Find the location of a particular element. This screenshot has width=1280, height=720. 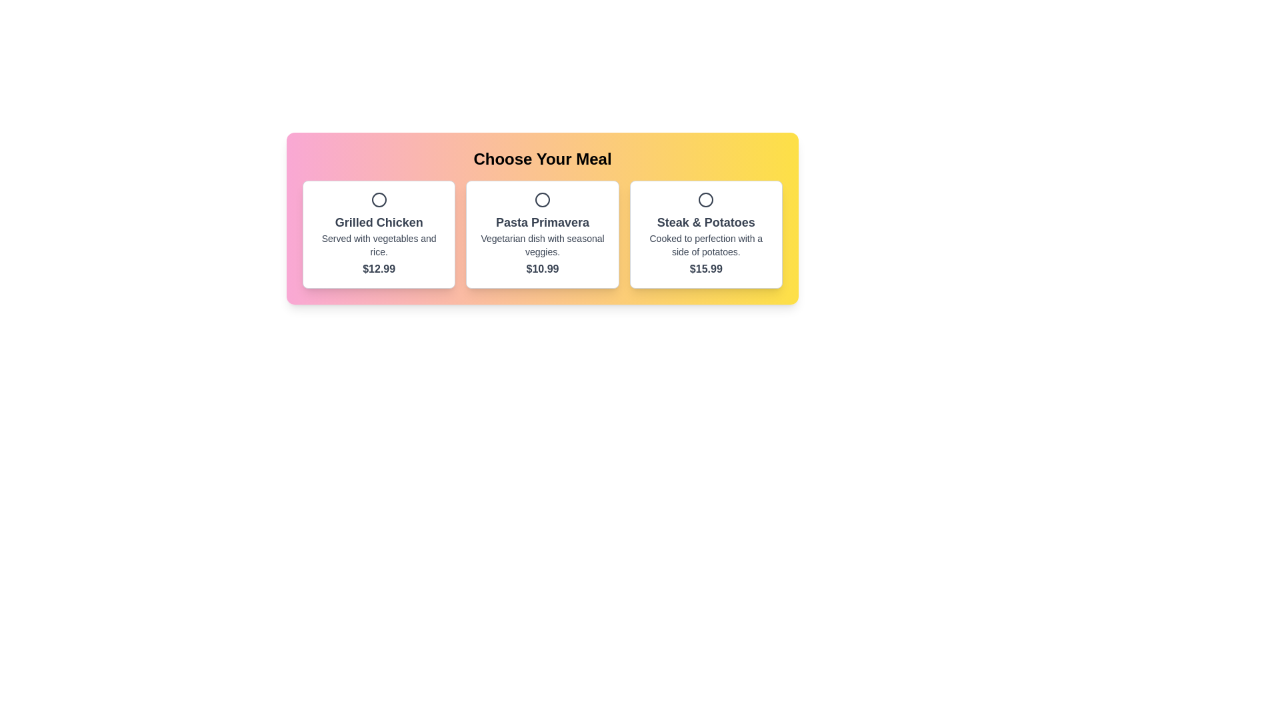

the circular icon above the 'Pasta Primavera' text is located at coordinates (543, 200).